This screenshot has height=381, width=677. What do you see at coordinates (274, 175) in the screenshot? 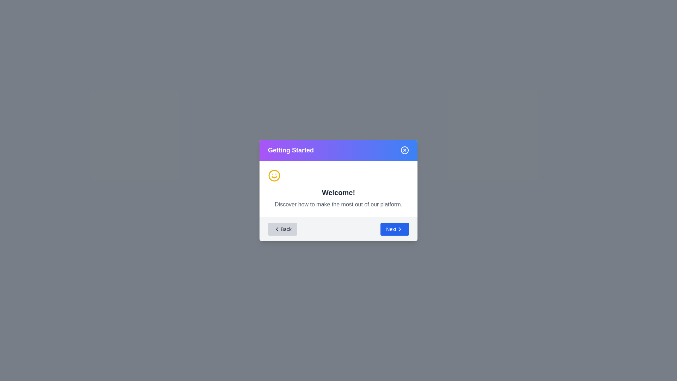
I see `the yellow circular smiling emoji icon located in the 'Getting Started' dialog box, which is positioned above the text 'Welcome!' and to the left of the textual content` at bounding box center [274, 175].